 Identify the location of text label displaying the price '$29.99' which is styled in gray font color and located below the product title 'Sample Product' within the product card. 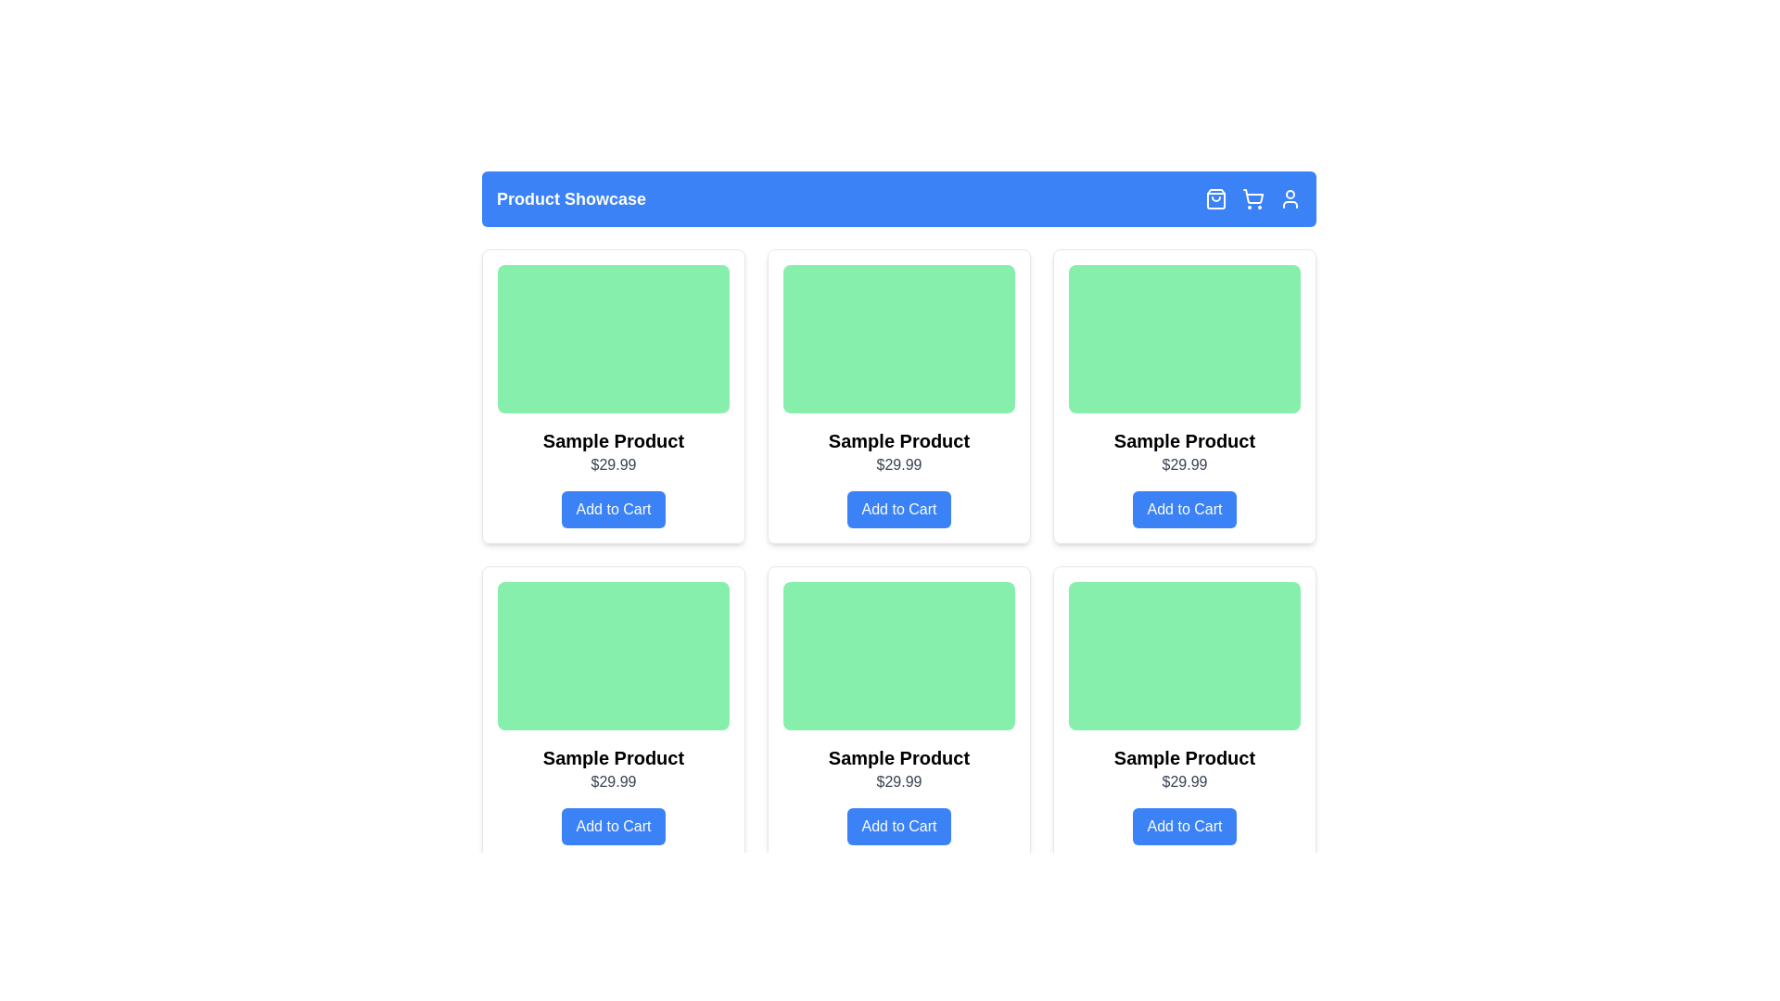
(1183, 782).